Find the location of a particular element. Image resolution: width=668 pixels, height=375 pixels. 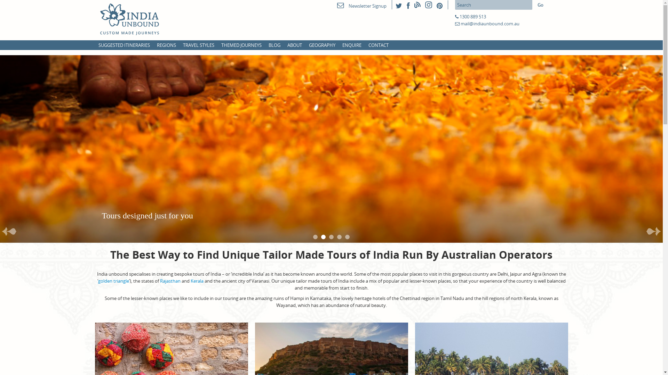

'mail@indiaunbound.com.au' is located at coordinates (461, 23).